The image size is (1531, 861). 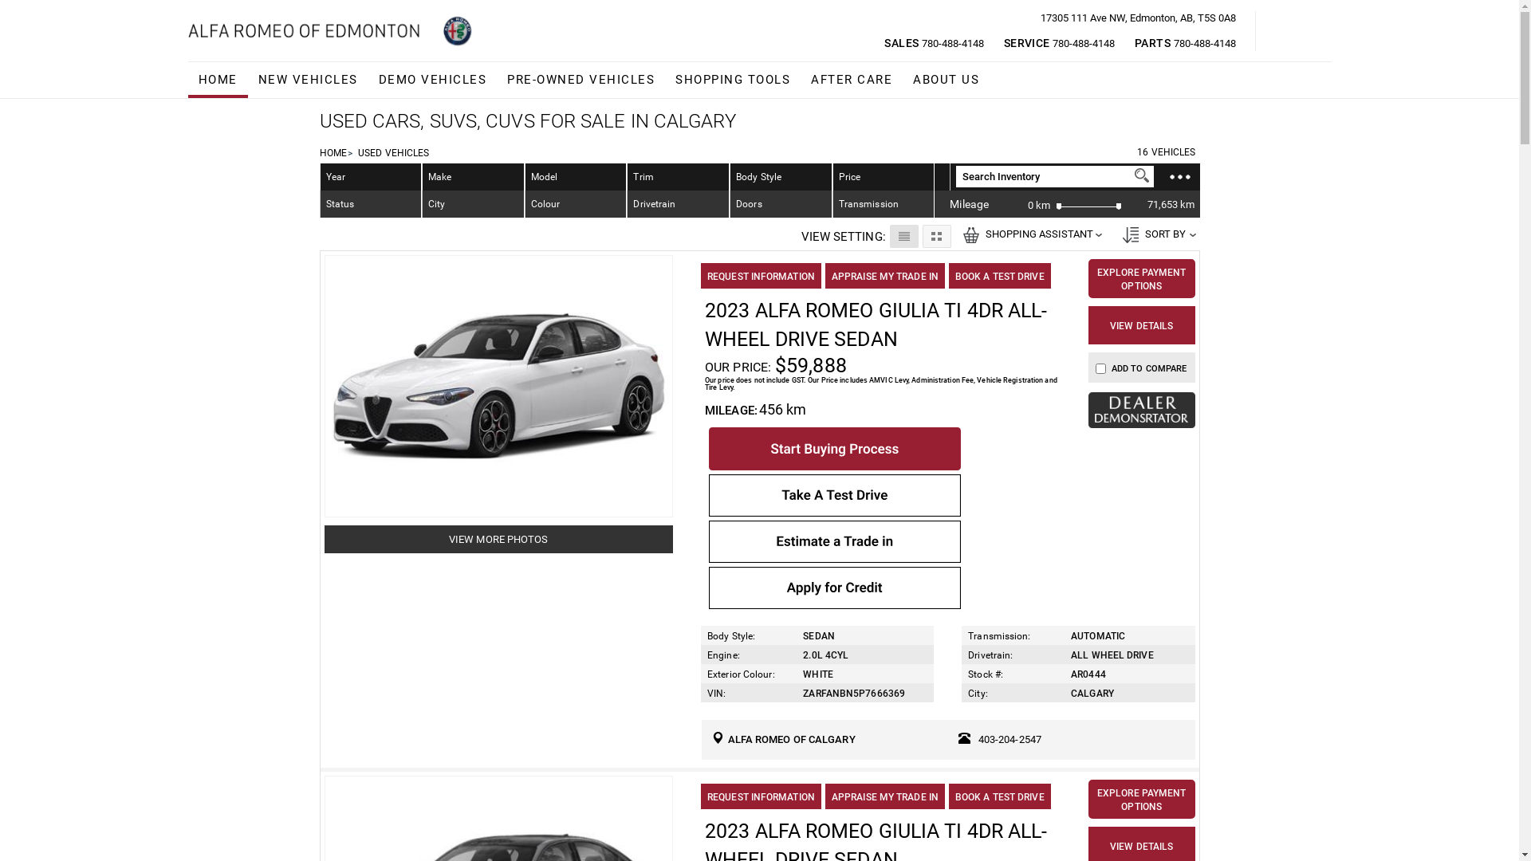 What do you see at coordinates (246, 80) in the screenshot?
I see `'NEW VEHICLES'` at bounding box center [246, 80].